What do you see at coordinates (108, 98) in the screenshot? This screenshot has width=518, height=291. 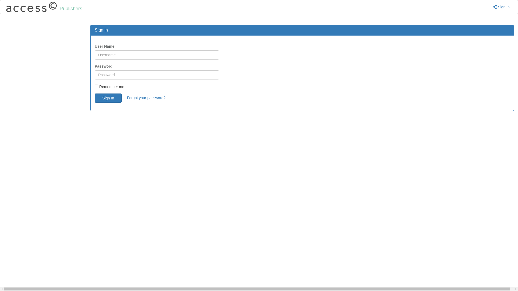 I see `'Sign In'` at bounding box center [108, 98].